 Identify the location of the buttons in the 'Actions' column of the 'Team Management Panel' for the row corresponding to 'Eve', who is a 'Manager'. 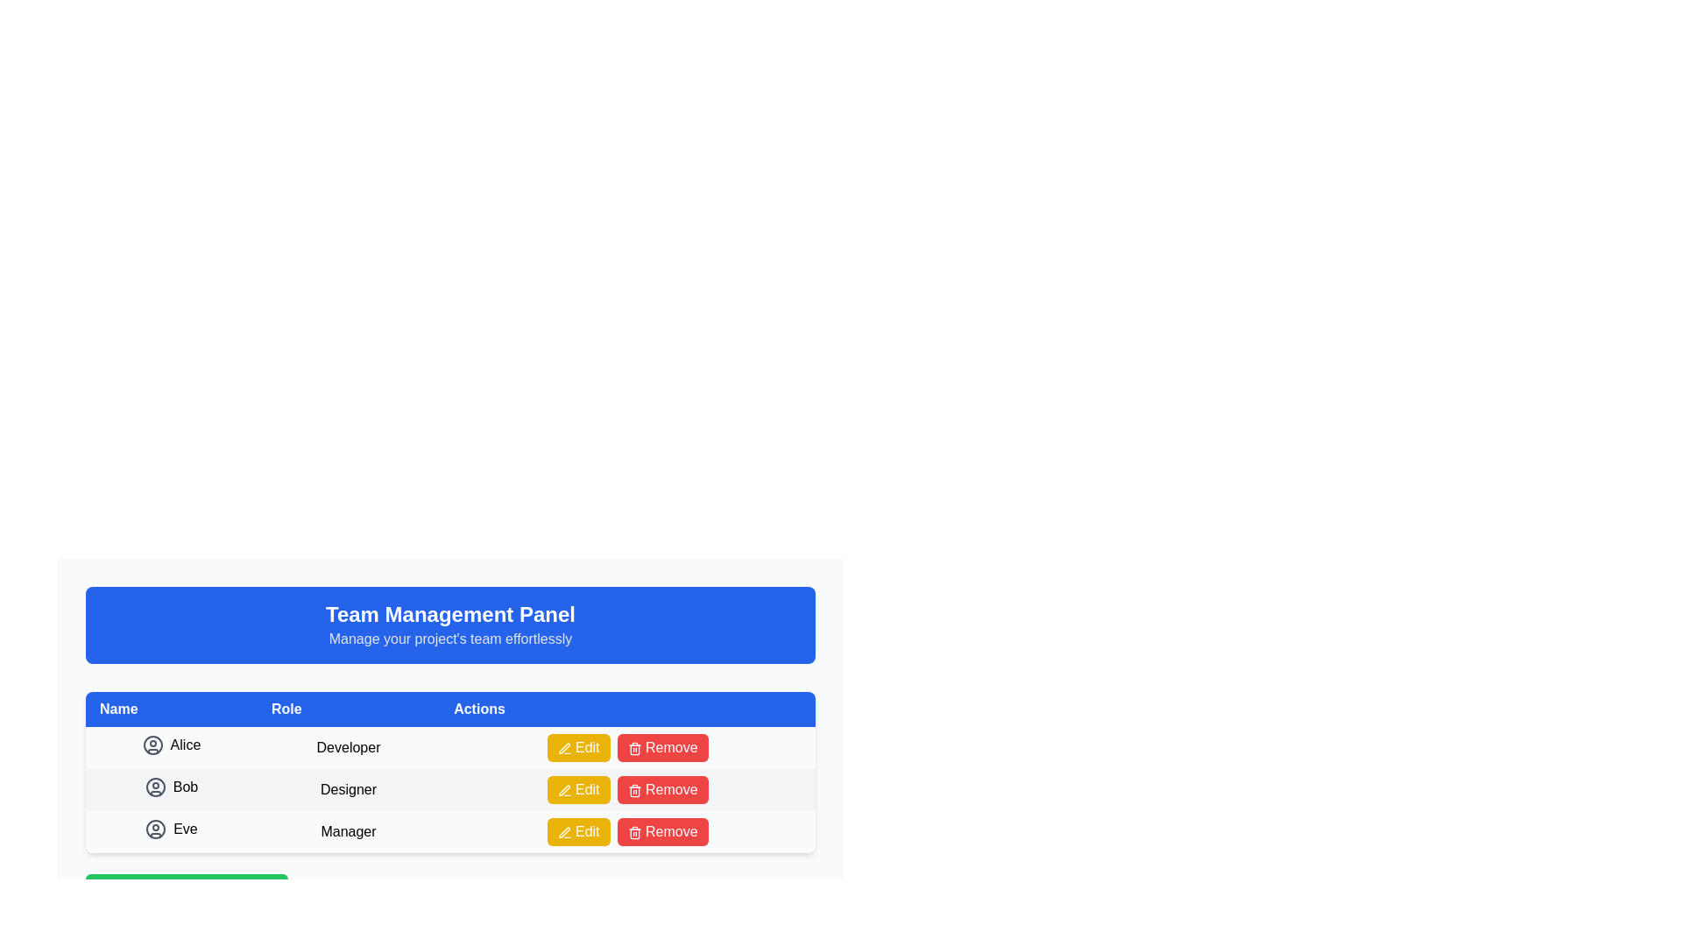
(627, 830).